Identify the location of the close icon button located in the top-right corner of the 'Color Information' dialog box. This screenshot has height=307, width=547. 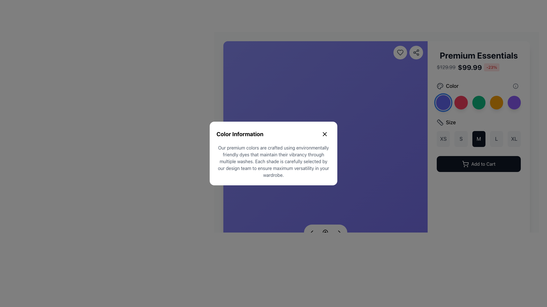
(325, 134).